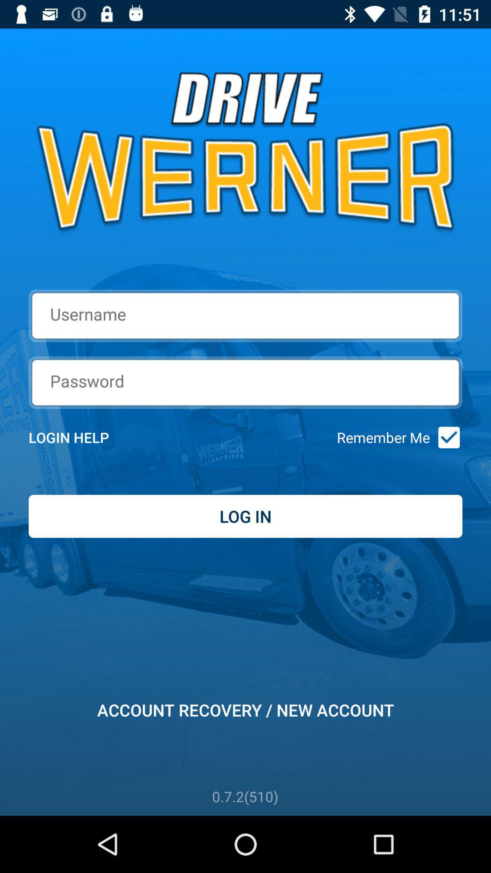  Describe the element at coordinates (446, 437) in the screenshot. I see `the icon to the right of the remember me icon` at that location.